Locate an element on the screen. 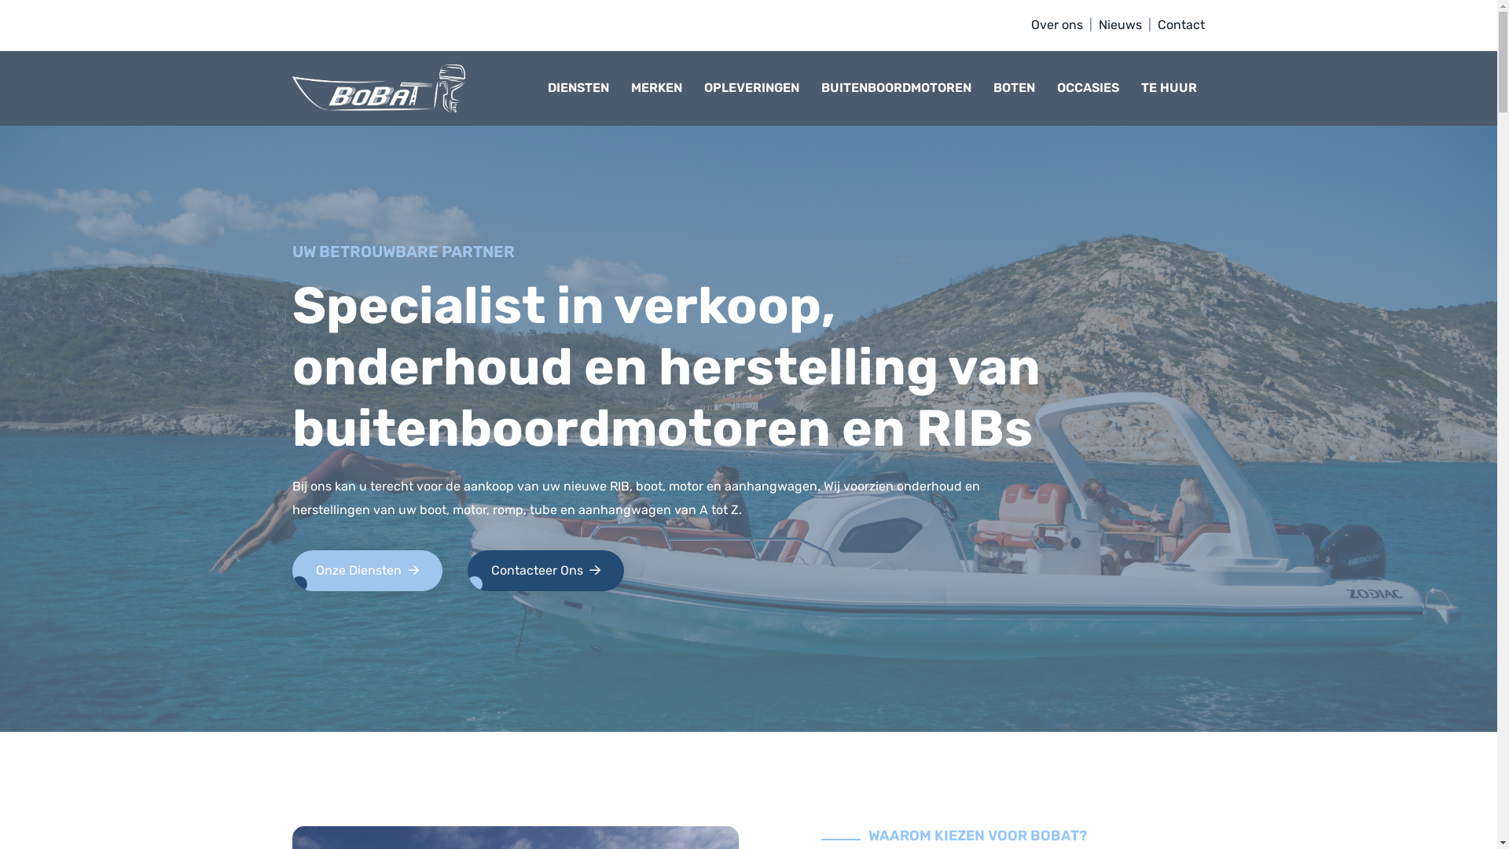 The image size is (1509, 849). 'Contacteer Ons' is located at coordinates (545, 571).